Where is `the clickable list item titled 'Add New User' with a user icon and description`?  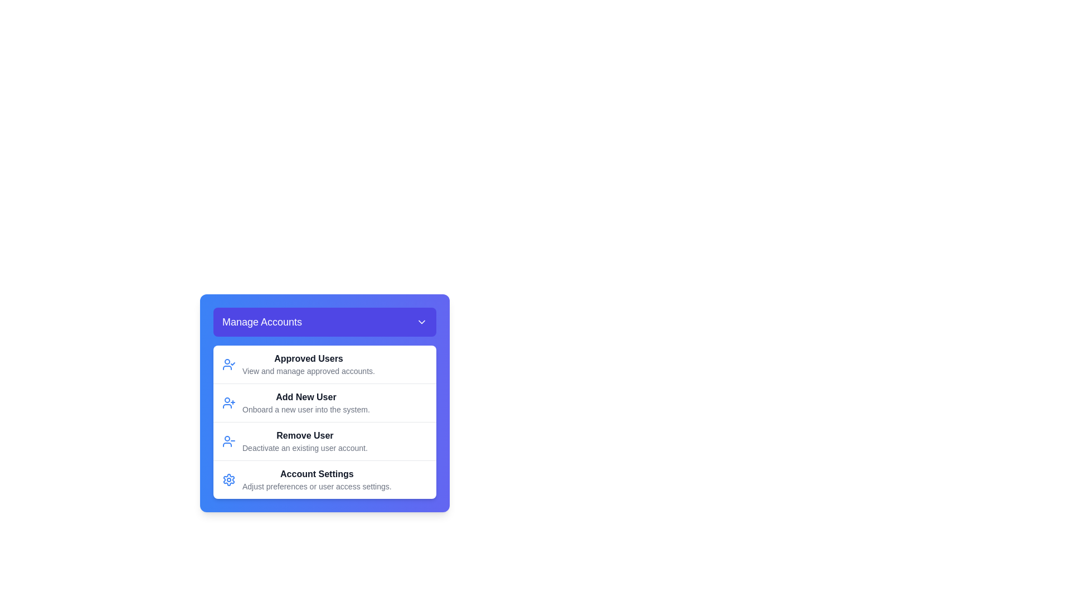 the clickable list item titled 'Add New User' with a user icon and description is located at coordinates (324, 402).